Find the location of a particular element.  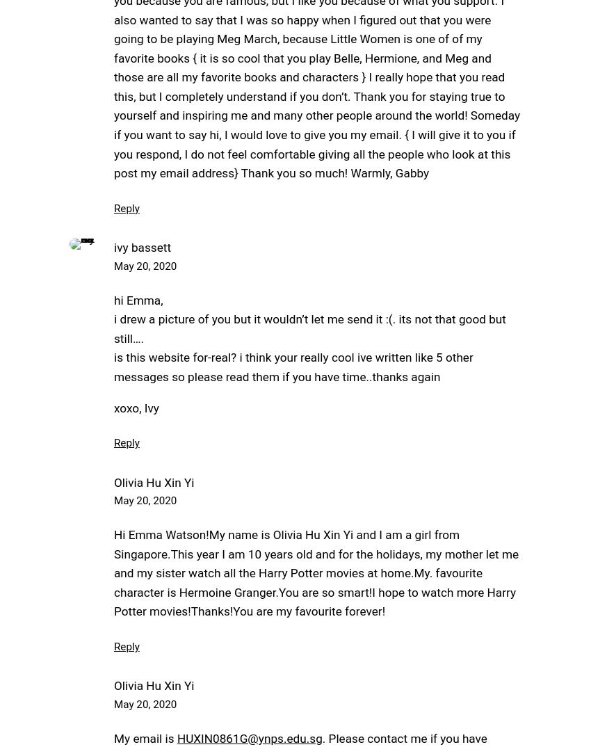

'My email is' is located at coordinates (145, 738).